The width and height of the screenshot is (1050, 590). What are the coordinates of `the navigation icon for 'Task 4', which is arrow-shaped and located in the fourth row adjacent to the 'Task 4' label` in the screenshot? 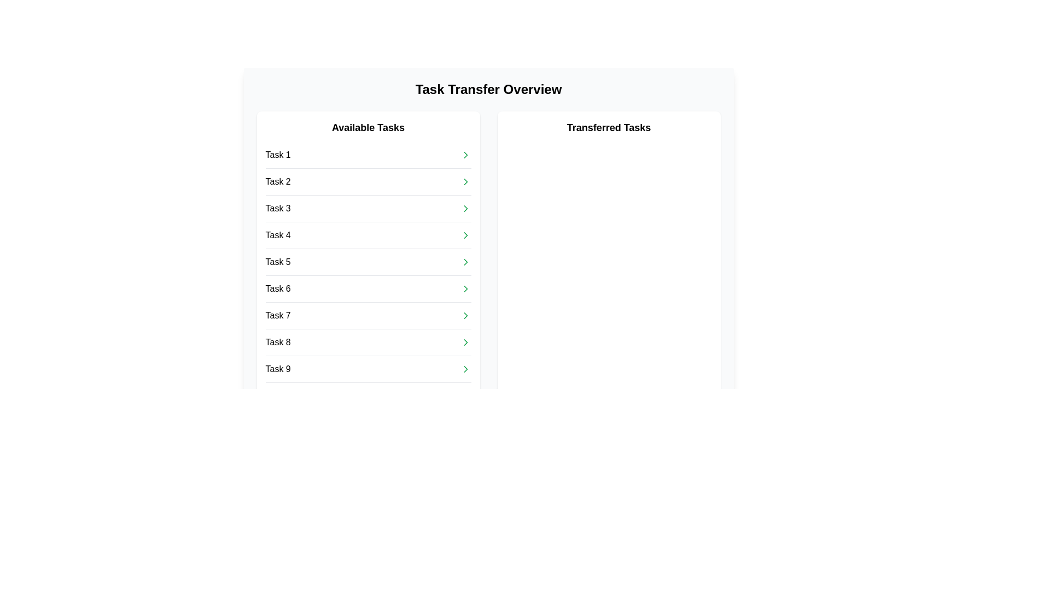 It's located at (465, 235).